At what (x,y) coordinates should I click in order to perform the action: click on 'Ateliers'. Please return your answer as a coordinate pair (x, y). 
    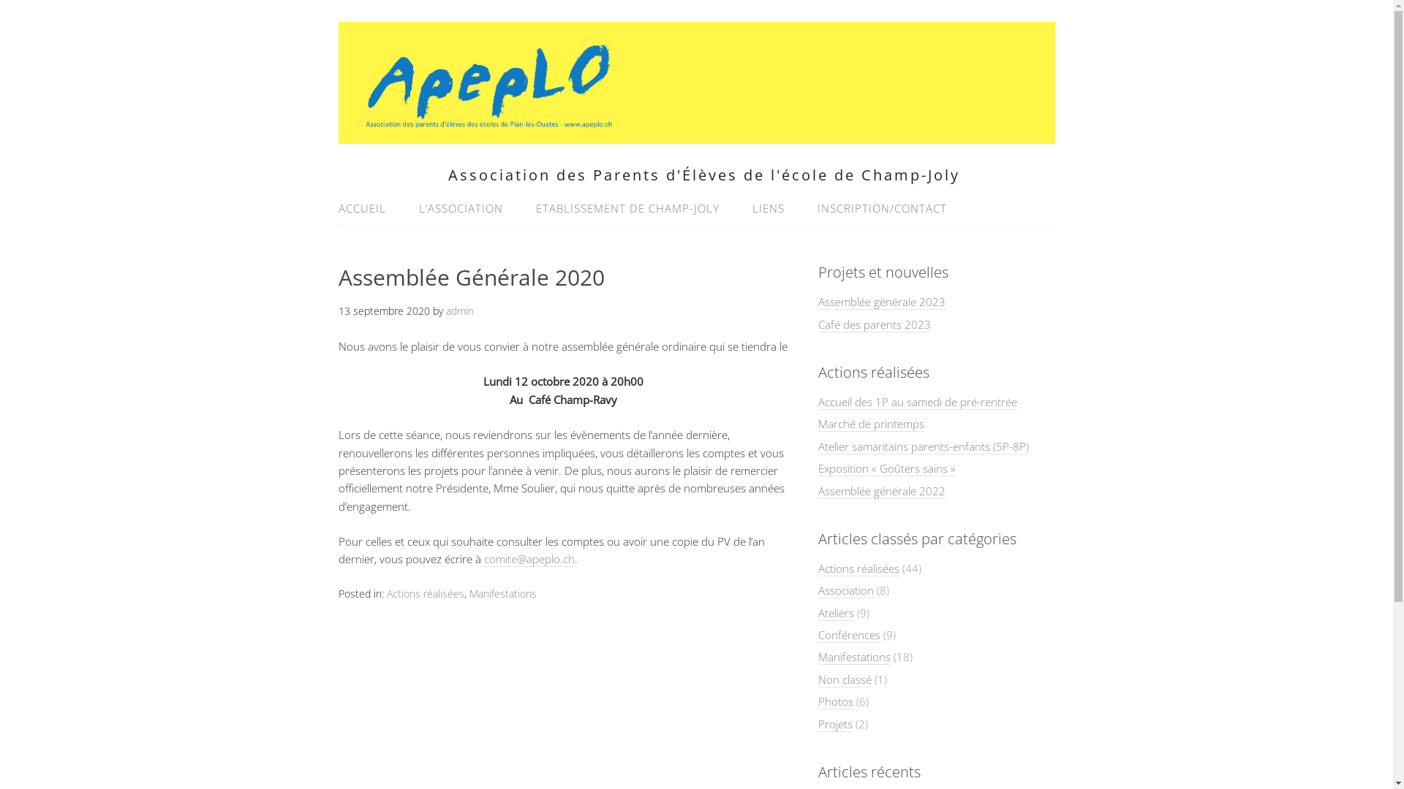
    Looking at the image, I should click on (836, 613).